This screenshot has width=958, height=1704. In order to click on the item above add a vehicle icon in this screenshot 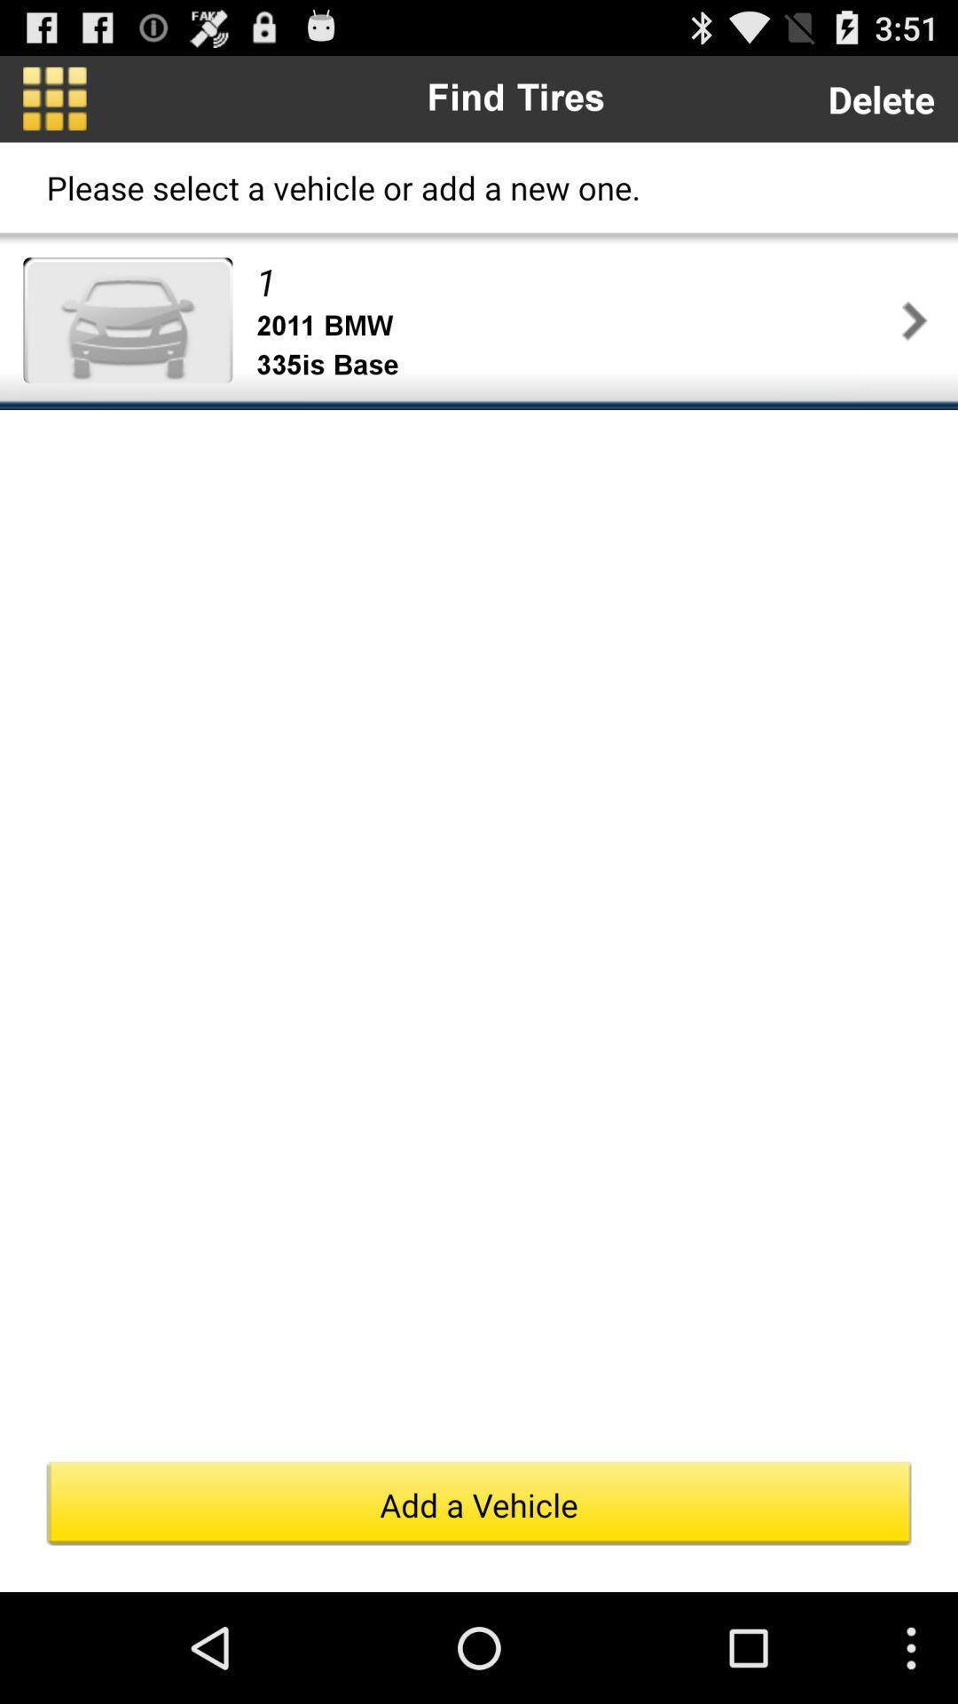, I will do `click(915, 320)`.